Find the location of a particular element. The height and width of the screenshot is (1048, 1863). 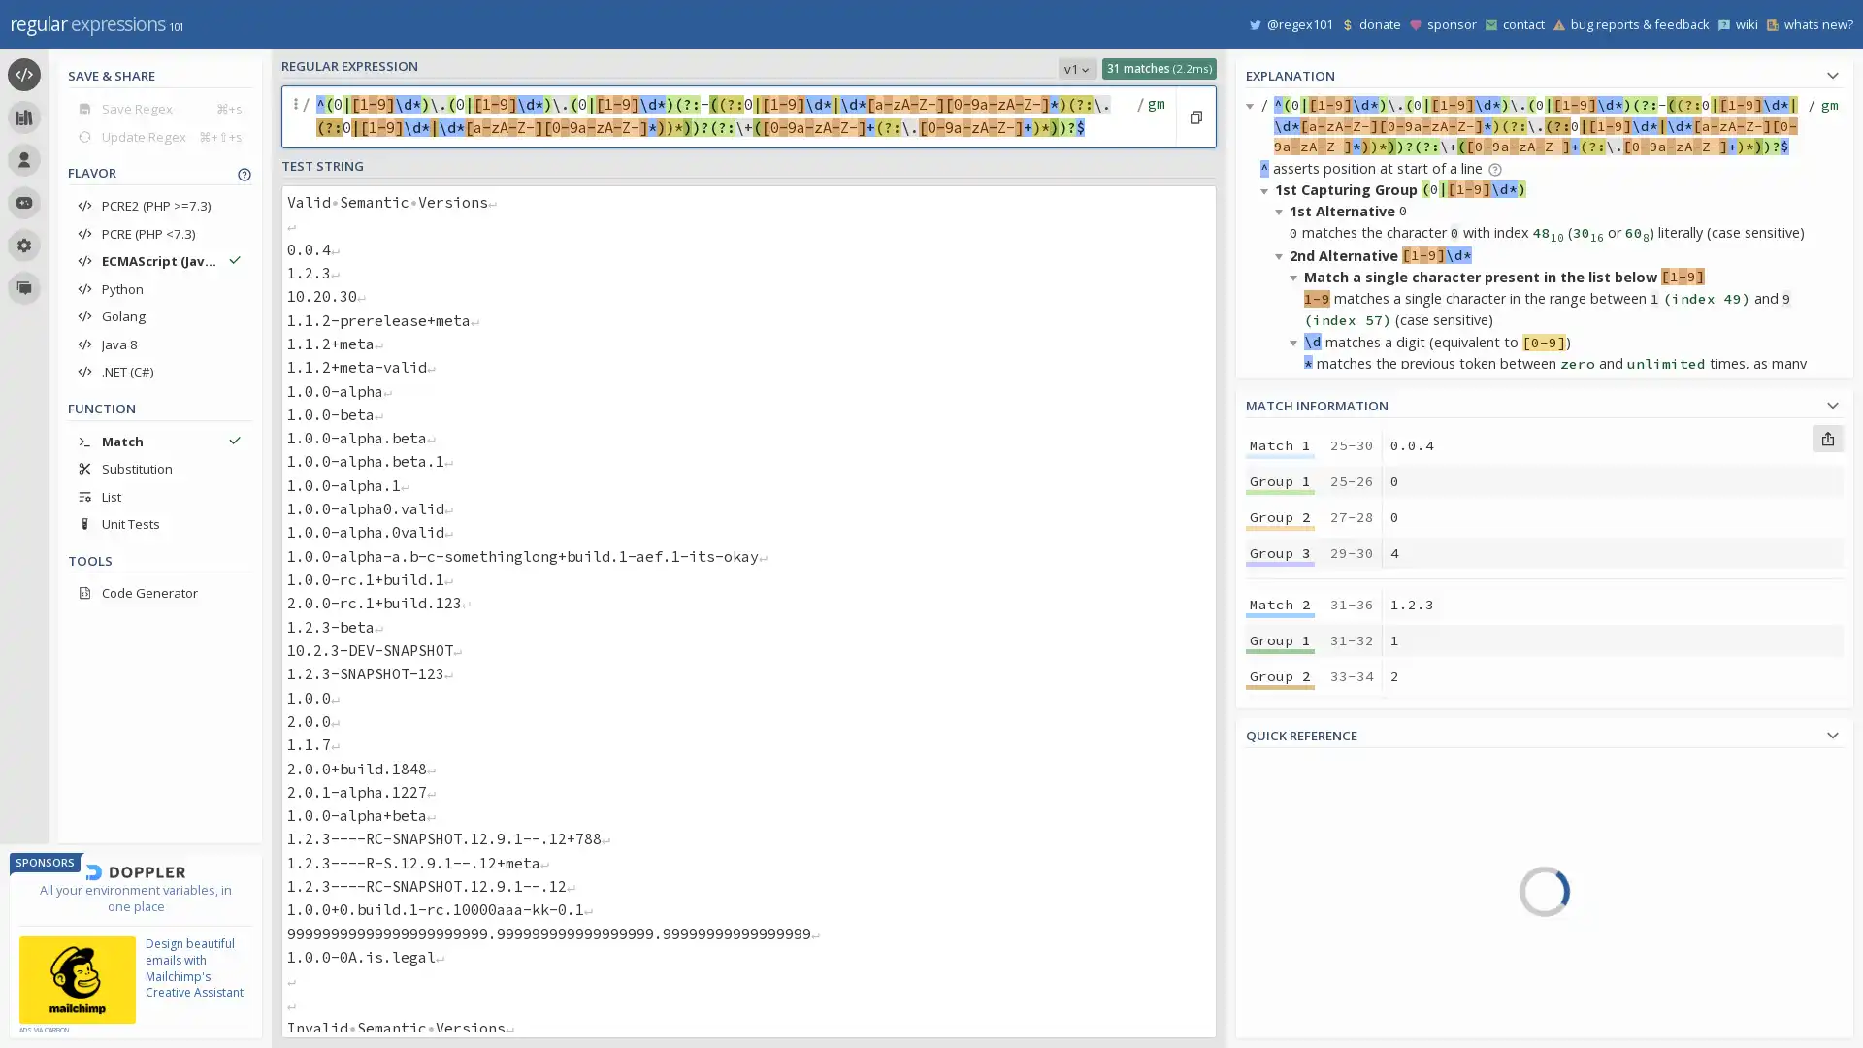

Collapse Subtree is located at coordinates (1296, 824).